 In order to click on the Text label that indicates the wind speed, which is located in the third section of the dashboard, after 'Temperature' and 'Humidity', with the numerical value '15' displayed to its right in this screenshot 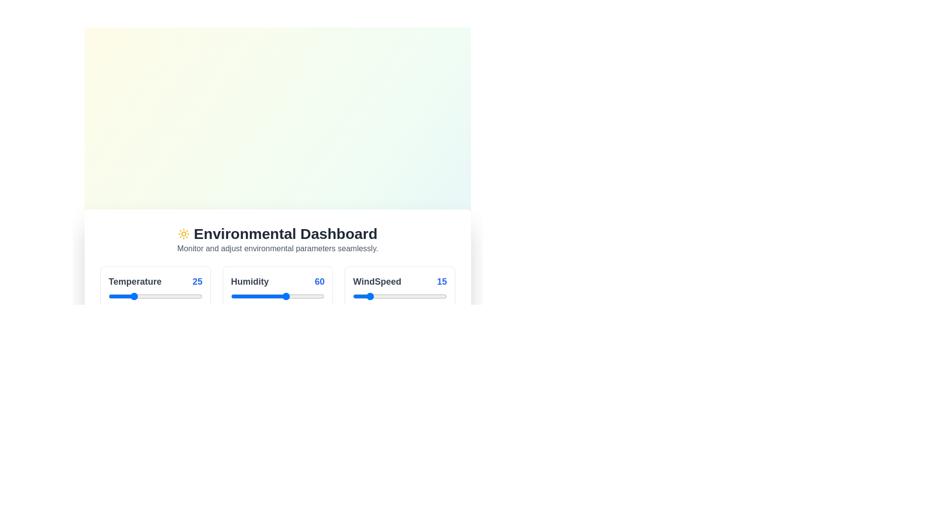, I will do `click(377, 281)`.